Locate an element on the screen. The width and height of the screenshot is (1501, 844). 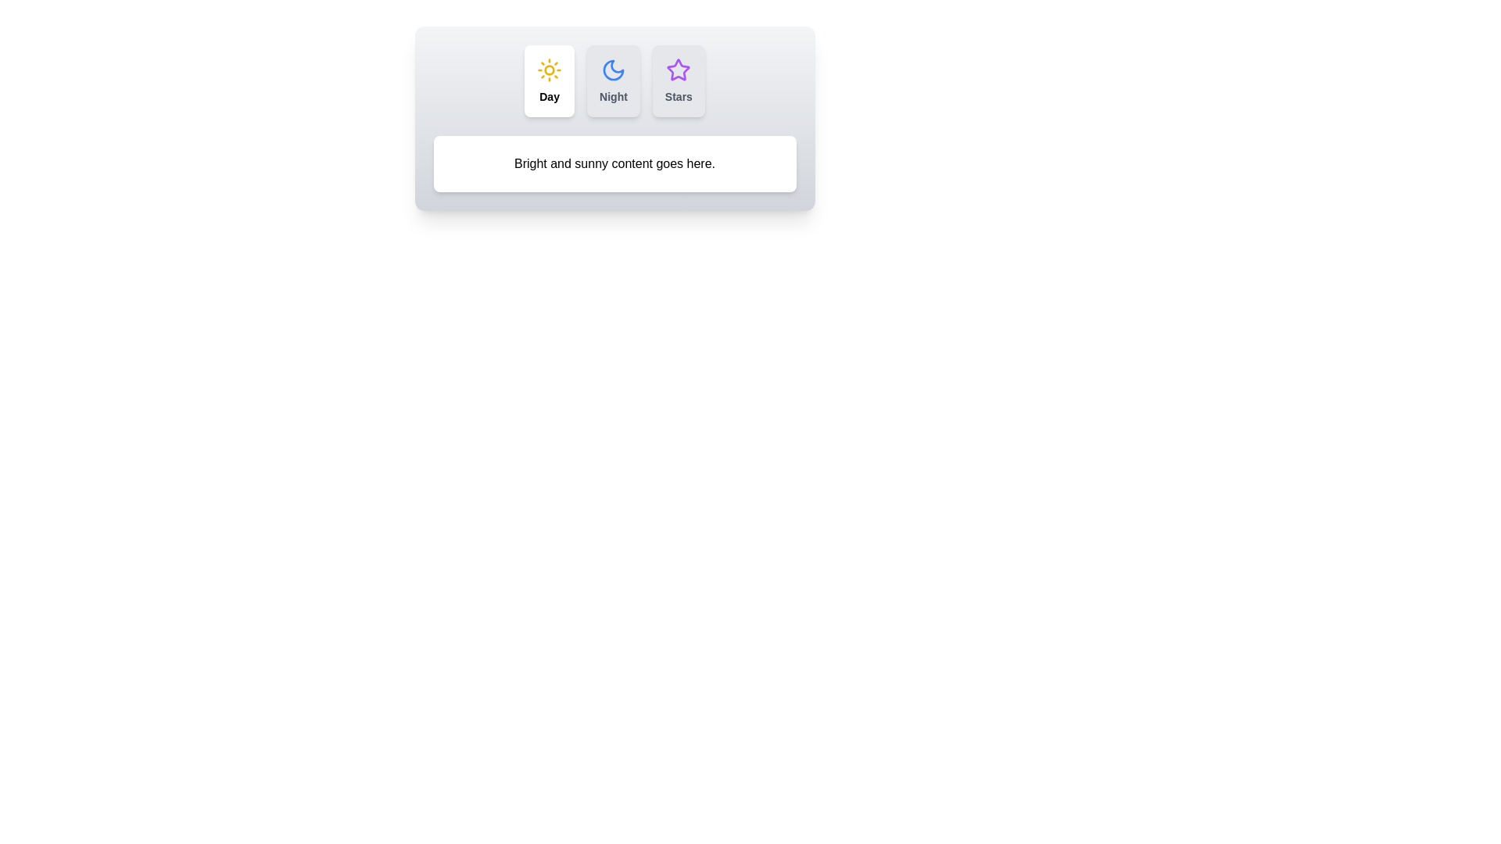
the tab labeled Stars to switch its content is located at coordinates (679, 81).